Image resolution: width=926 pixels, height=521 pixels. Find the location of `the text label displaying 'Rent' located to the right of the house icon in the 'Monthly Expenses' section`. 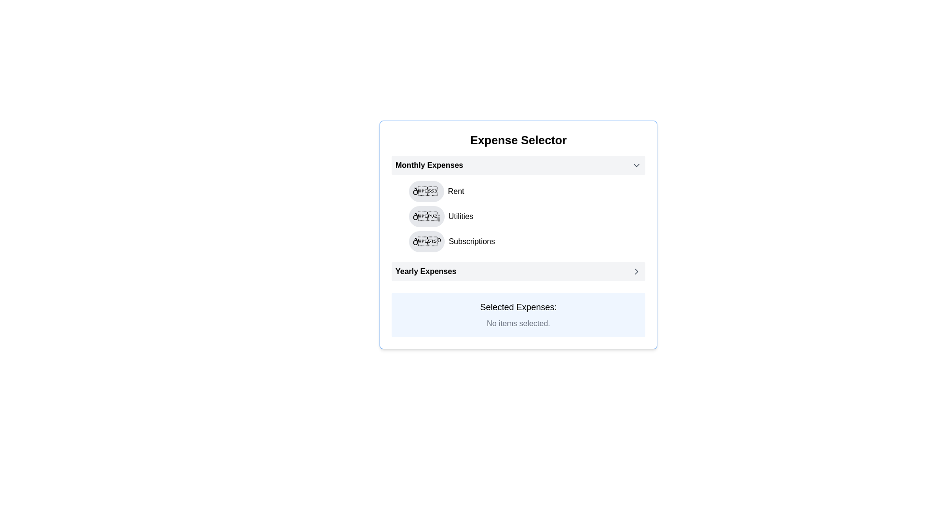

the text label displaying 'Rent' located to the right of the house icon in the 'Monthly Expenses' section is located at coordinates (455, 192).